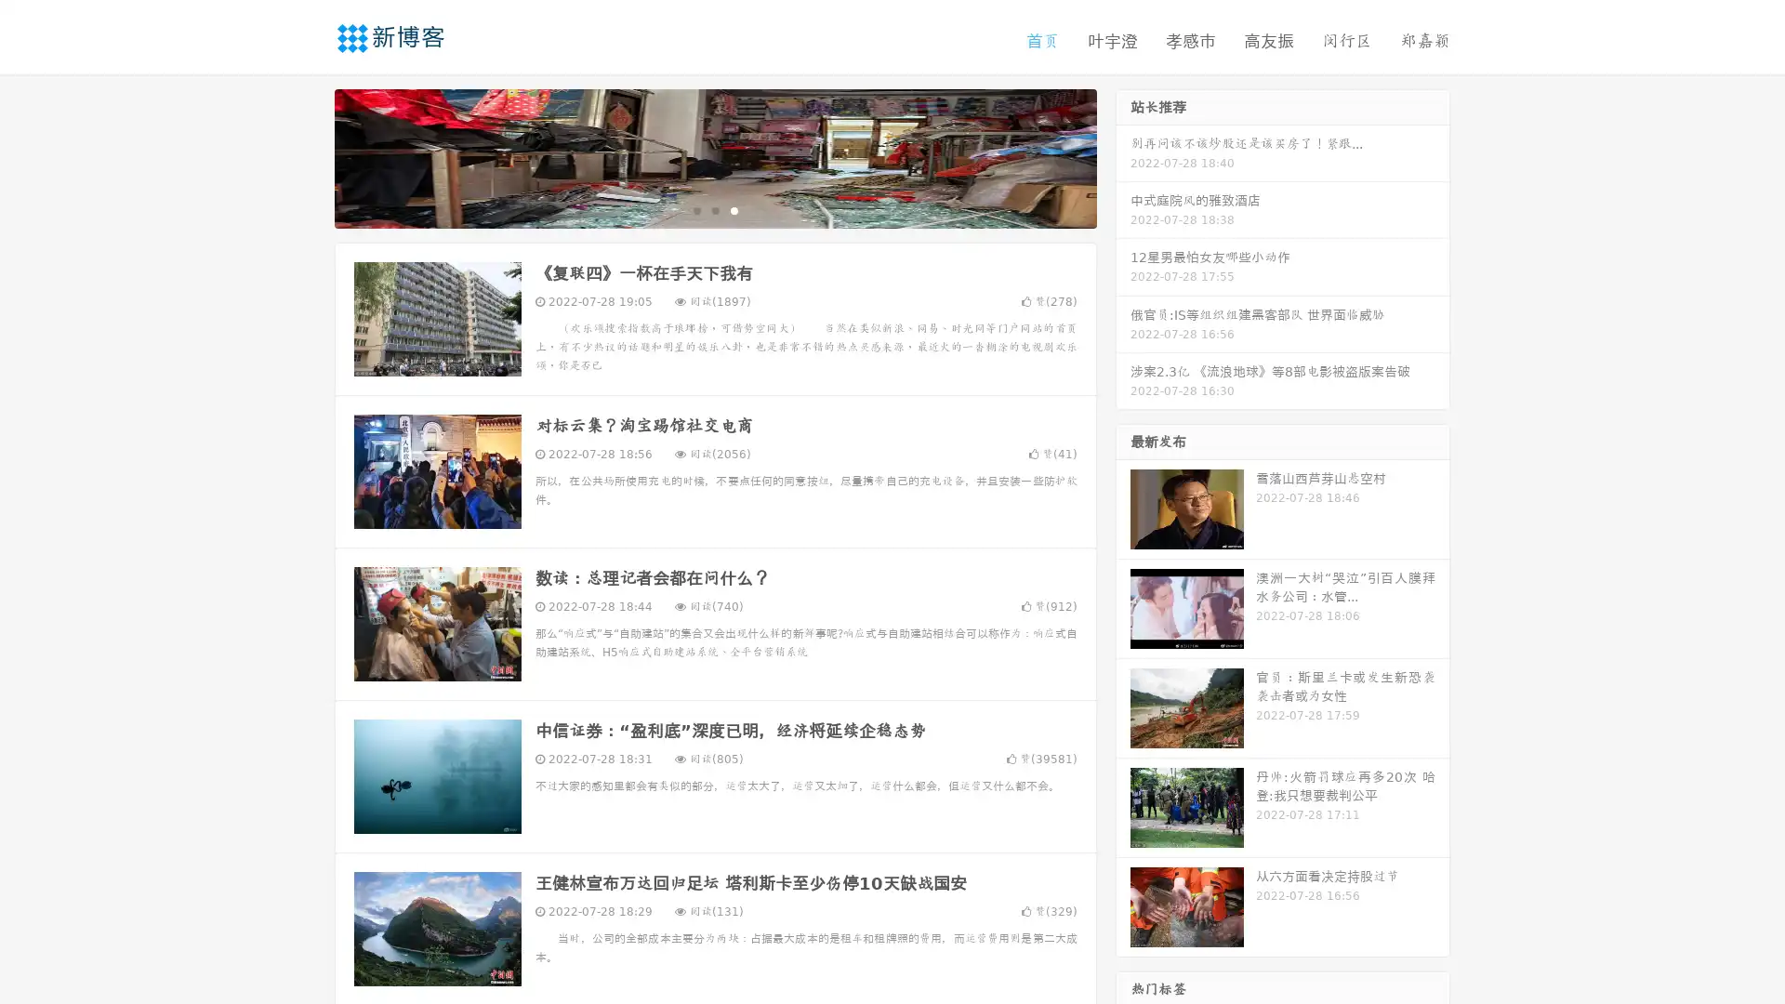 The height and width of the screenshot is (1004, 1785). I want to click on Go to slide 1, so click(695, 209).